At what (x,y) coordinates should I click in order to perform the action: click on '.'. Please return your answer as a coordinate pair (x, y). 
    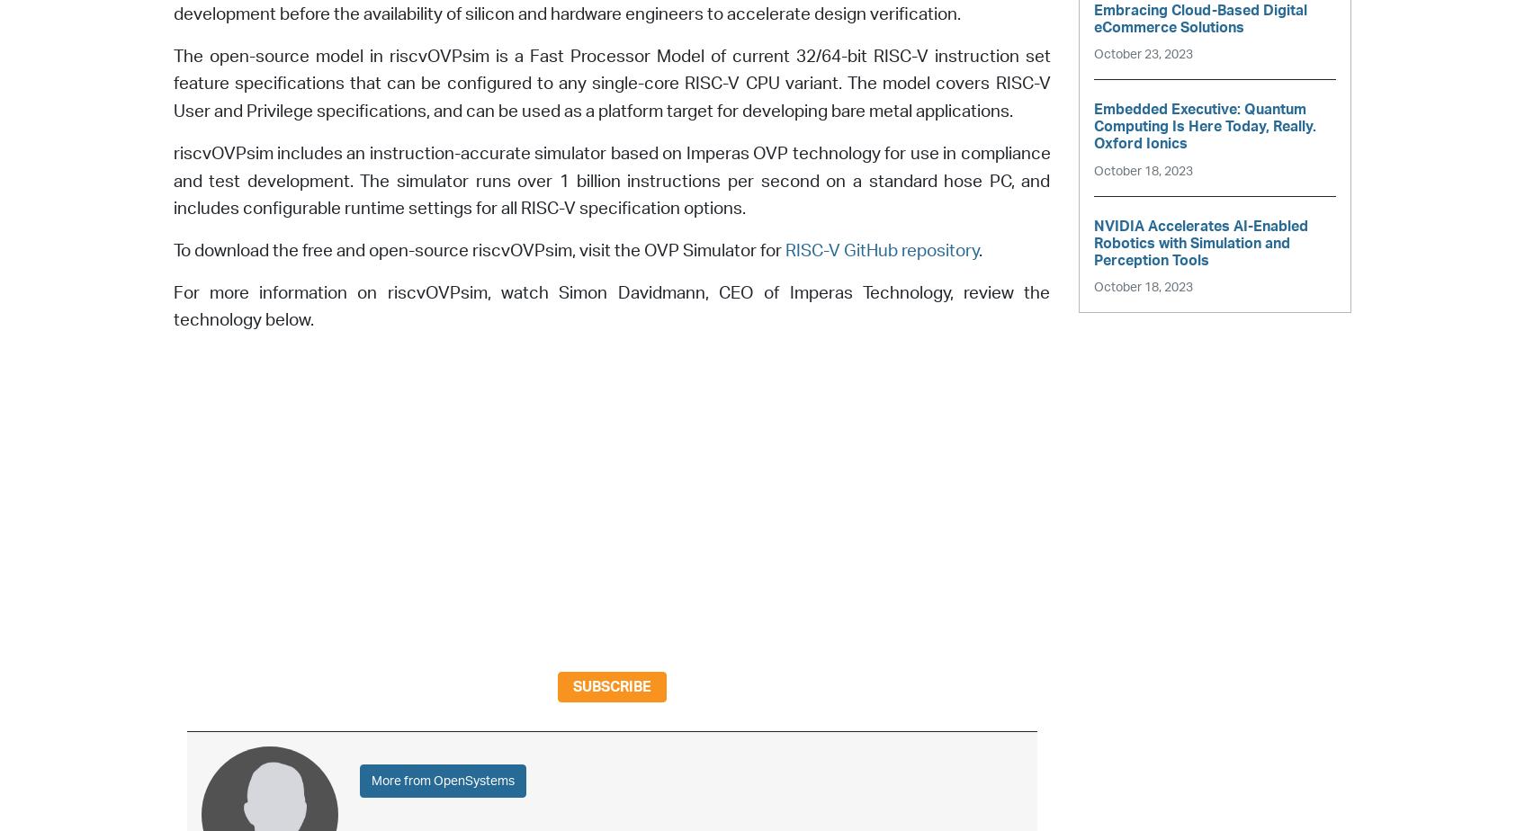
    Looking at the image, I should click on (980, 251).